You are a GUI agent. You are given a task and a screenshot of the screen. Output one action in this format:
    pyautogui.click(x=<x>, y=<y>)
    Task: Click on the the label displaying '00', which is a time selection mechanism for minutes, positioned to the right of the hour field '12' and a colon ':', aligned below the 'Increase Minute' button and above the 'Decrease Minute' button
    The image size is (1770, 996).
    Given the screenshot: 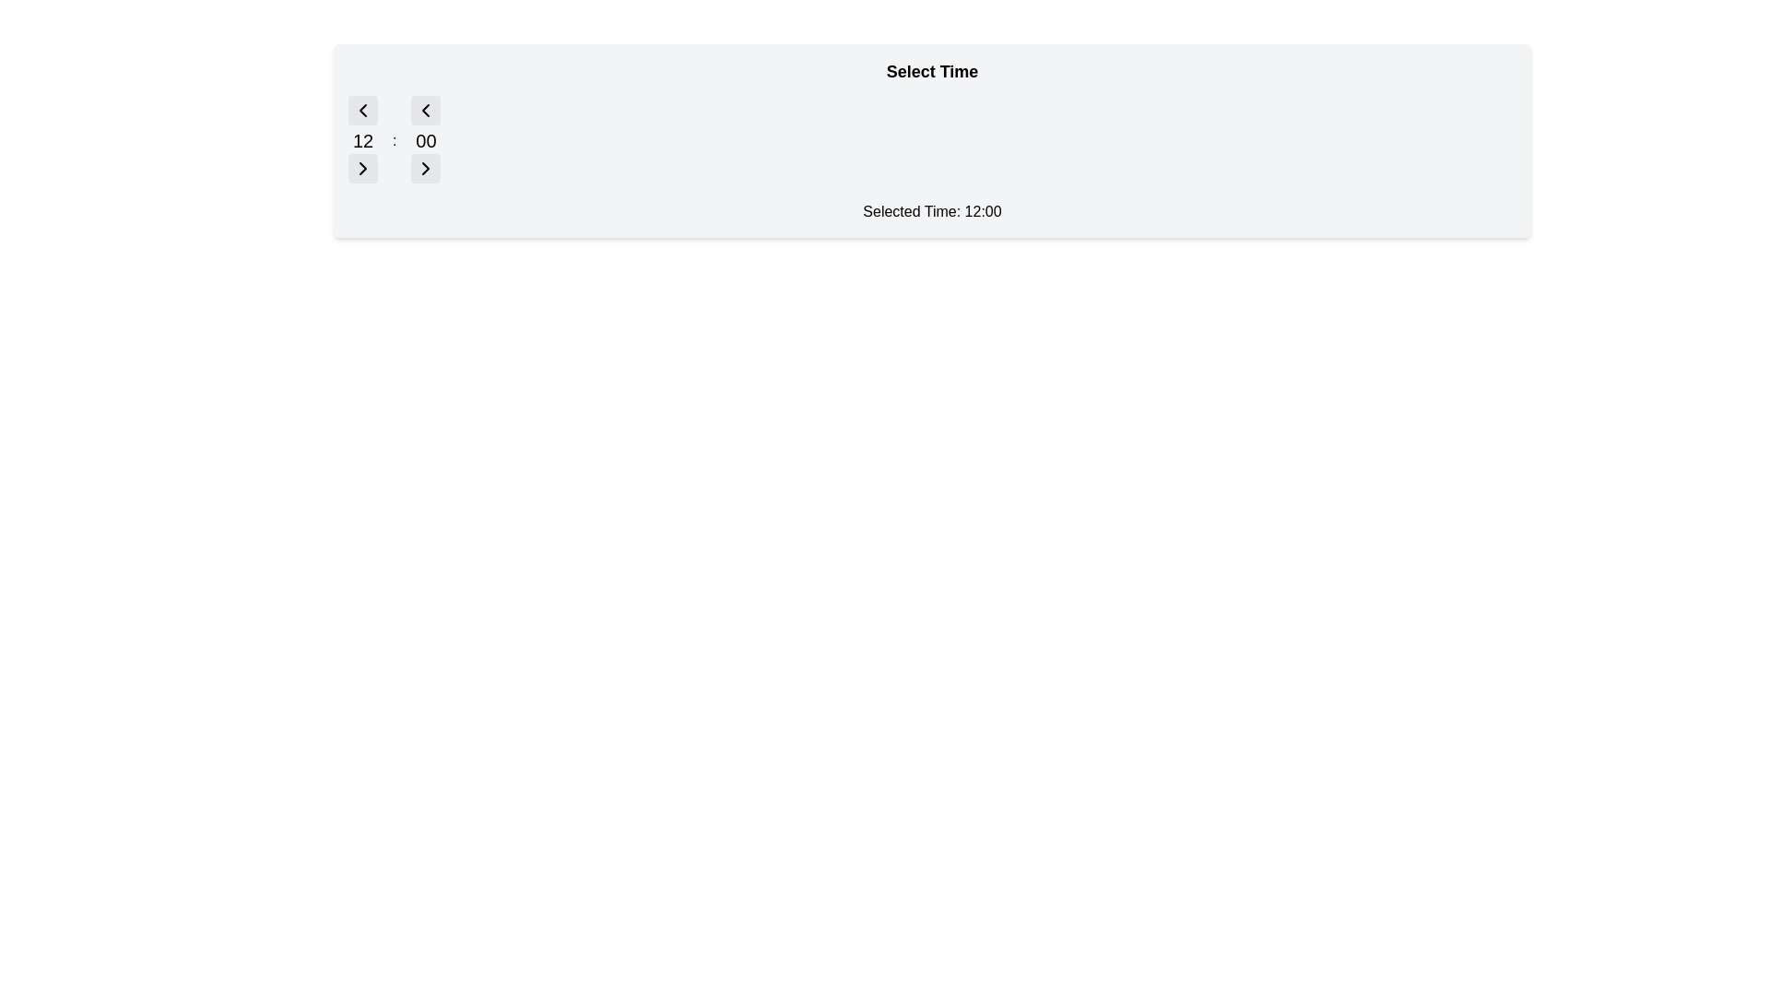 What is the action you would take?
    pyautogui.click(x=425, y=140)
    